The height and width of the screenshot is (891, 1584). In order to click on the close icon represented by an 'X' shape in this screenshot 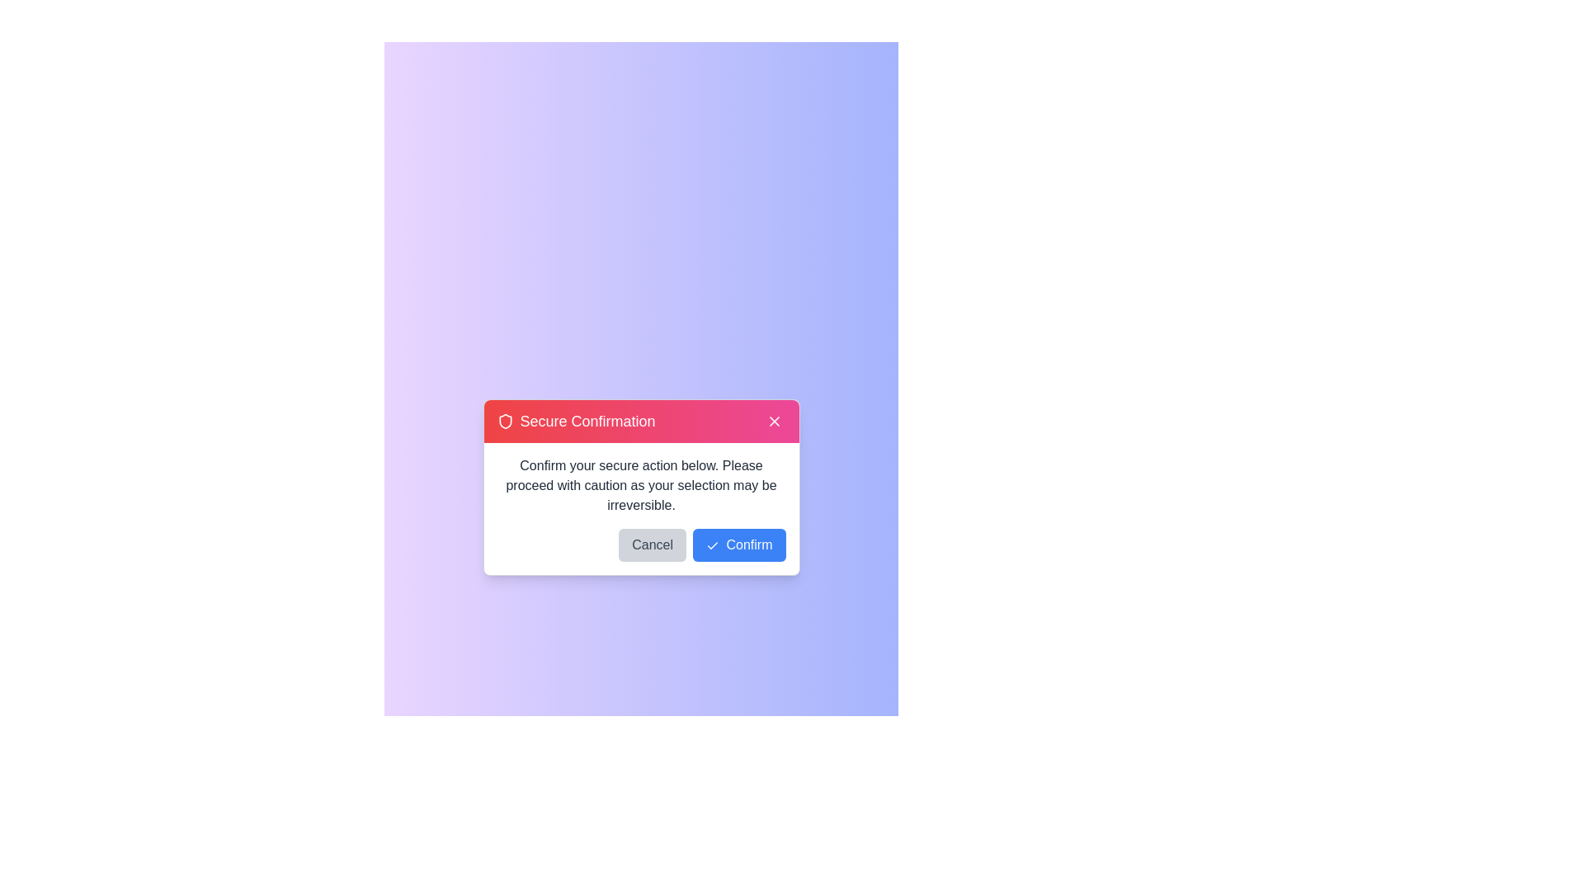, I will do `click(773, 420)`.